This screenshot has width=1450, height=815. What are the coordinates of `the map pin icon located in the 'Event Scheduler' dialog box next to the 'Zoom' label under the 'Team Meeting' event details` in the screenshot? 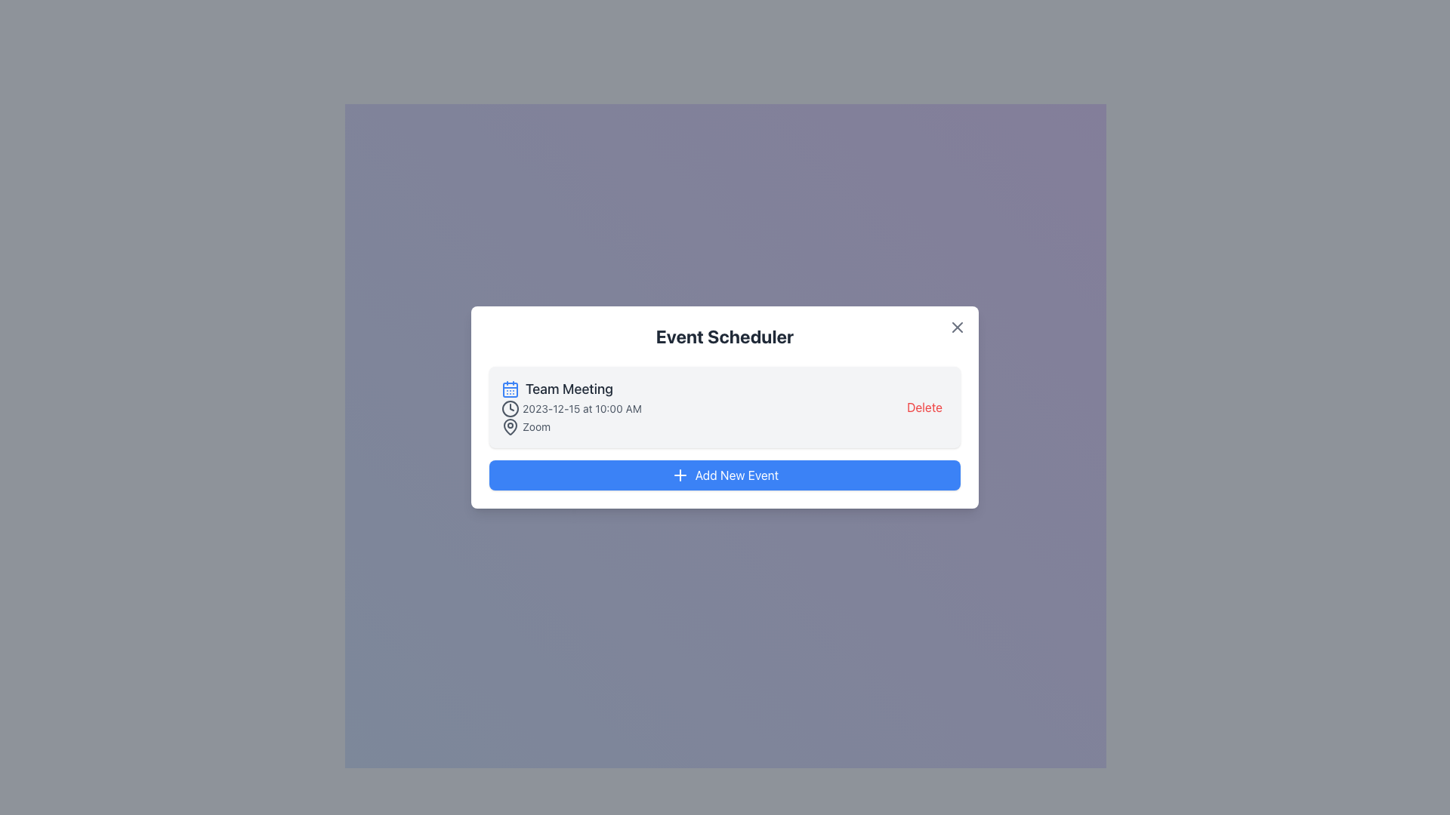 It's located at (511, 426).